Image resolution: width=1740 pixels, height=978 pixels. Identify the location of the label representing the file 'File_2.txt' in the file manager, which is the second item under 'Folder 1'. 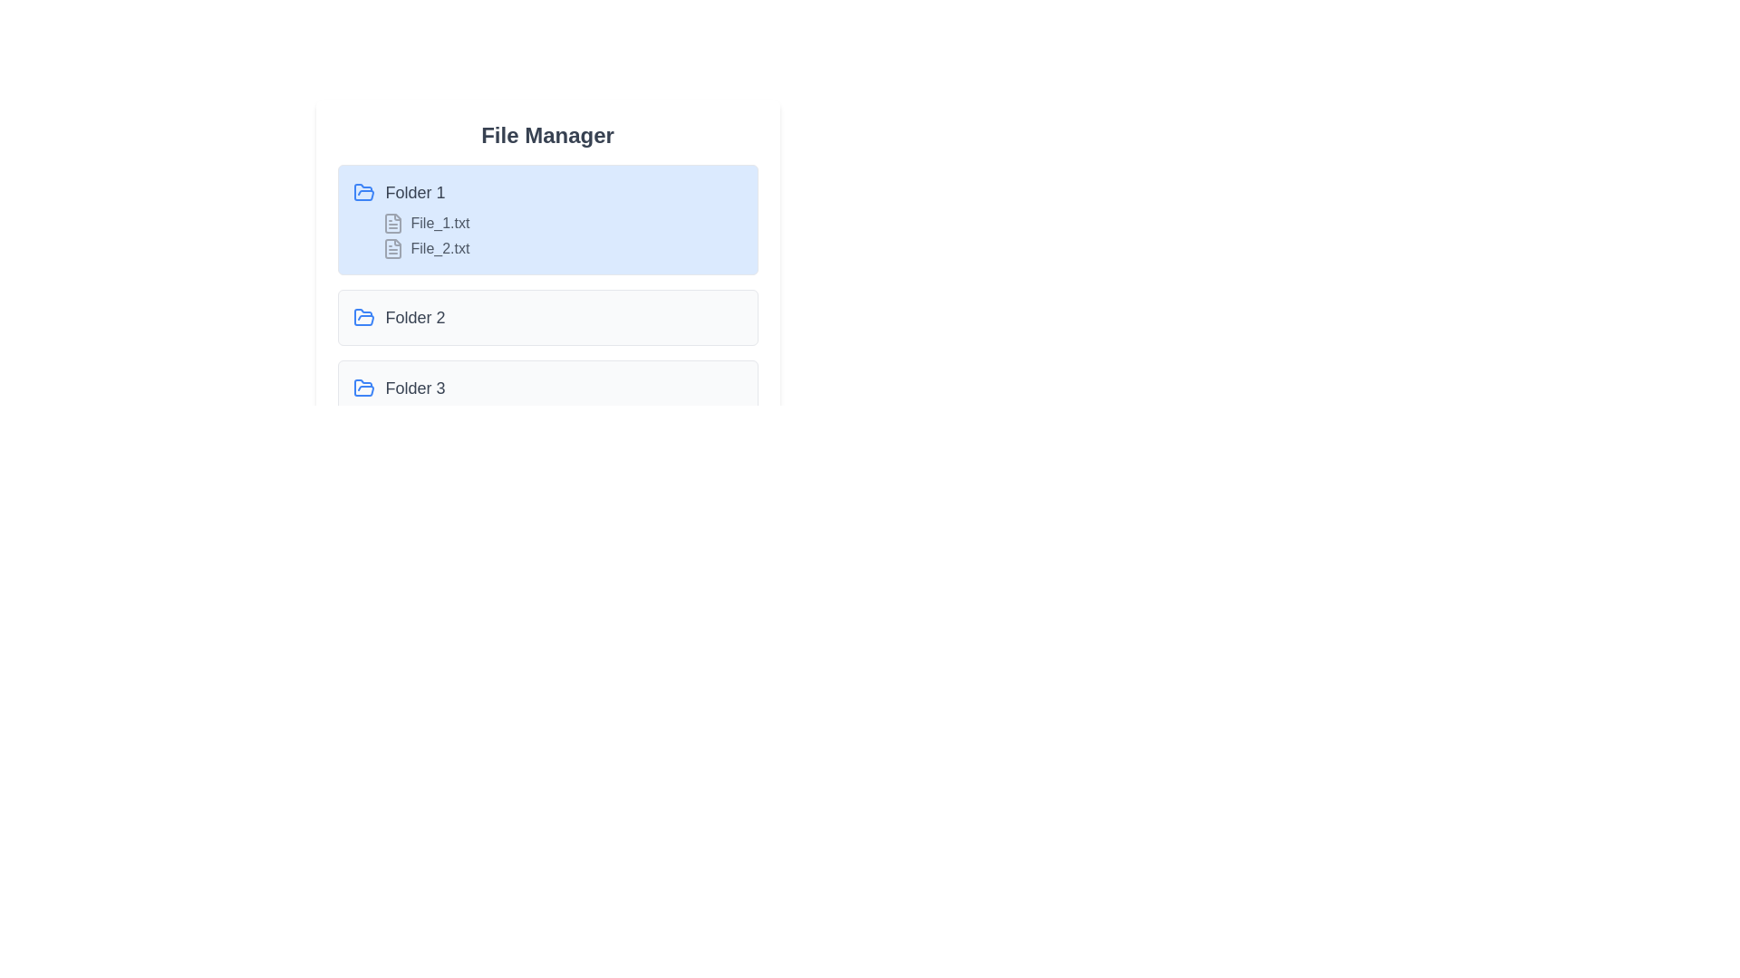
(440, 248).